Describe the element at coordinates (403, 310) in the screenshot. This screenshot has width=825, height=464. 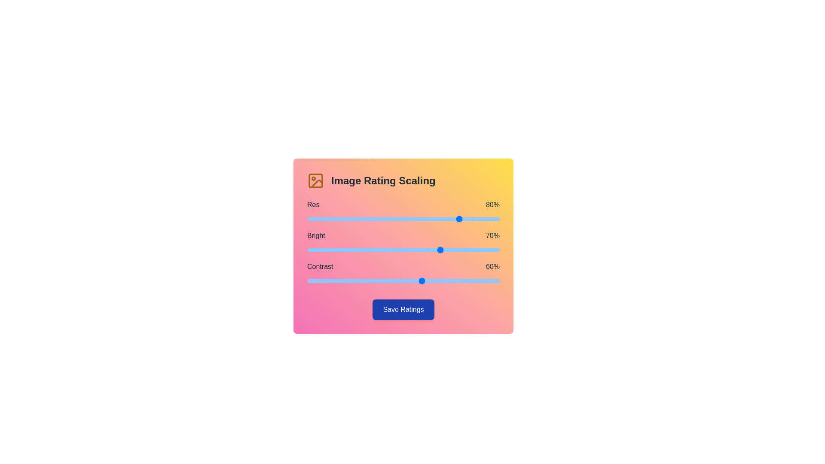
I see `the 'Save Ratings' button, which is a rectangular button with white text on a blue background, located at the bottom of the panel for adjusting image properties` at that location.